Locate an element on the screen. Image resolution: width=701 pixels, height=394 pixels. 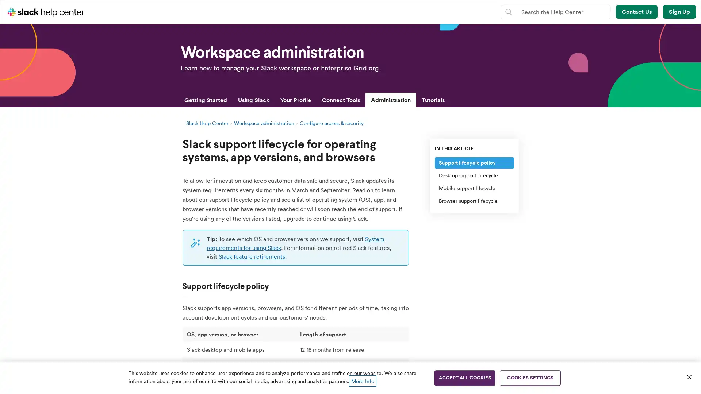
ACCEPT ALL COOKIES is located at coordinates (464, 378).